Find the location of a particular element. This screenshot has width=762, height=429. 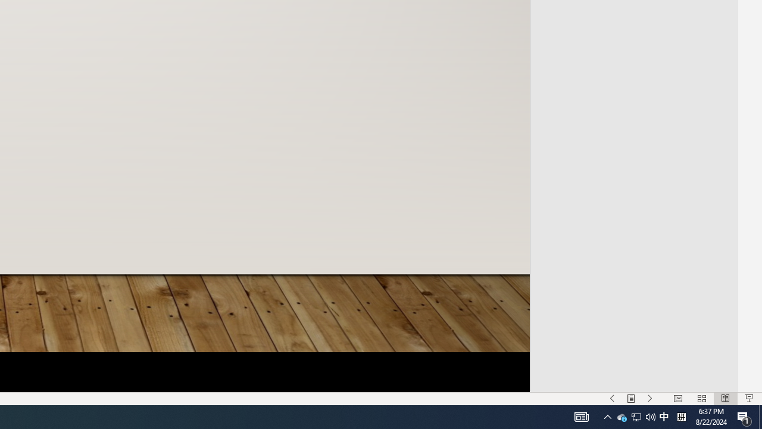

'Slide Sorter' is located at coordinates (701, 399).